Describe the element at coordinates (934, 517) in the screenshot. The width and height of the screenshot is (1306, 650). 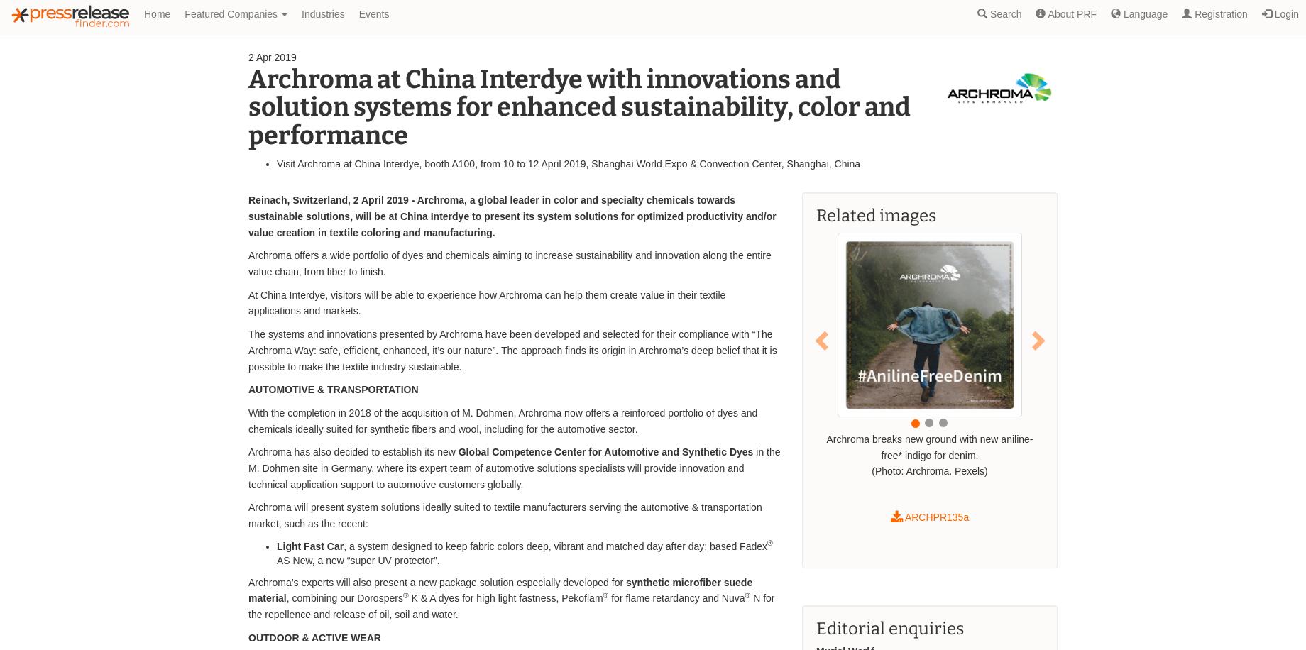
I see `'ARCHPR135a'` at that location.